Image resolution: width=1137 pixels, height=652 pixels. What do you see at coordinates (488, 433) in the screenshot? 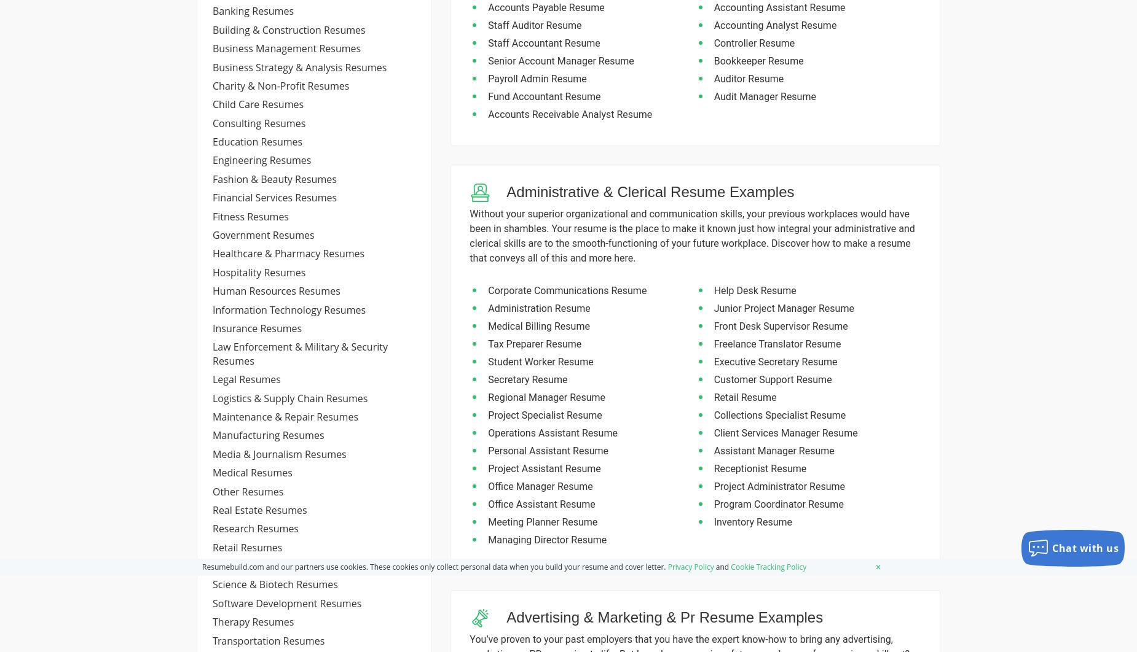
I see `'Operations Assistant Resume'` at bounding box center [488, 433].